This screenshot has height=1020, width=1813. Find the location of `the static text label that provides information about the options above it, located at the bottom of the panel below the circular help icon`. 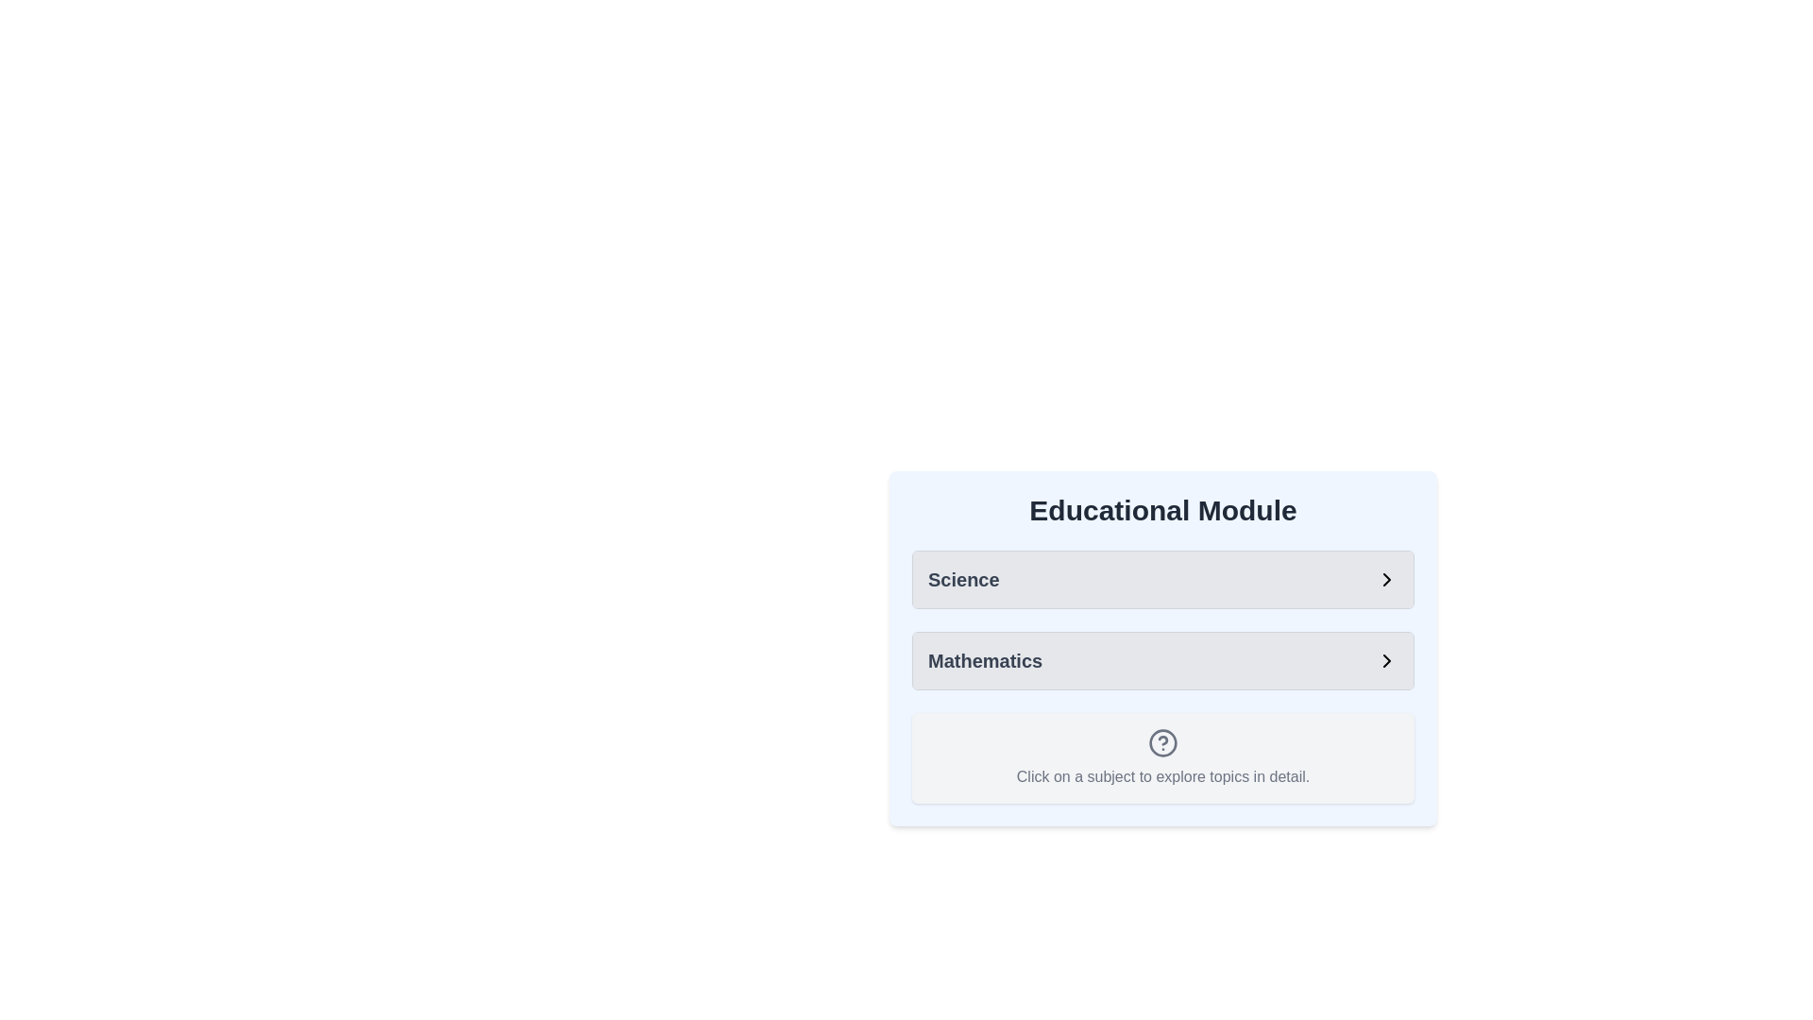

the static text label that provides information about the options above it, located at the bottom of the panel below the circular help icon is located at coordinates (1162, 776).